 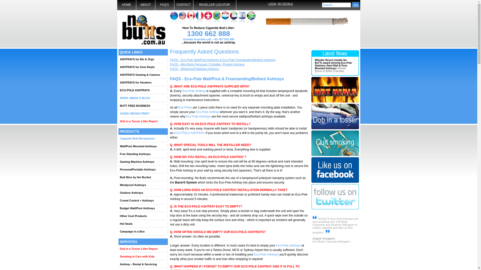 What do you see at coordinates (143, 113) in the screenshot?
I see `'GOING SMOKE FREE?'` at bounding box center [143, 113].